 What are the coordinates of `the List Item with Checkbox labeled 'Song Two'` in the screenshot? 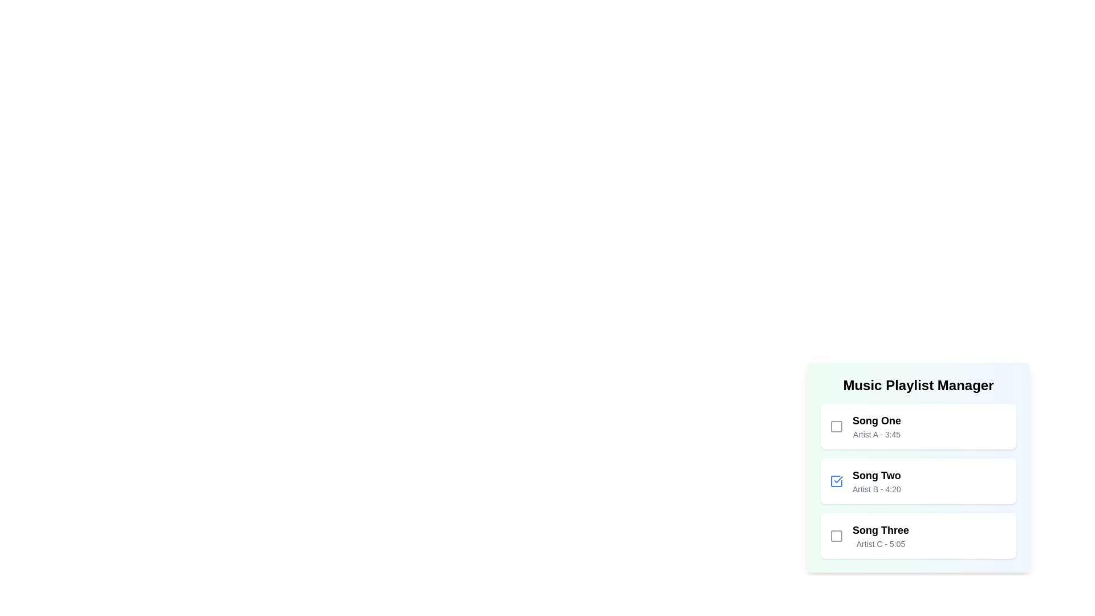 It's located at (918, 481).